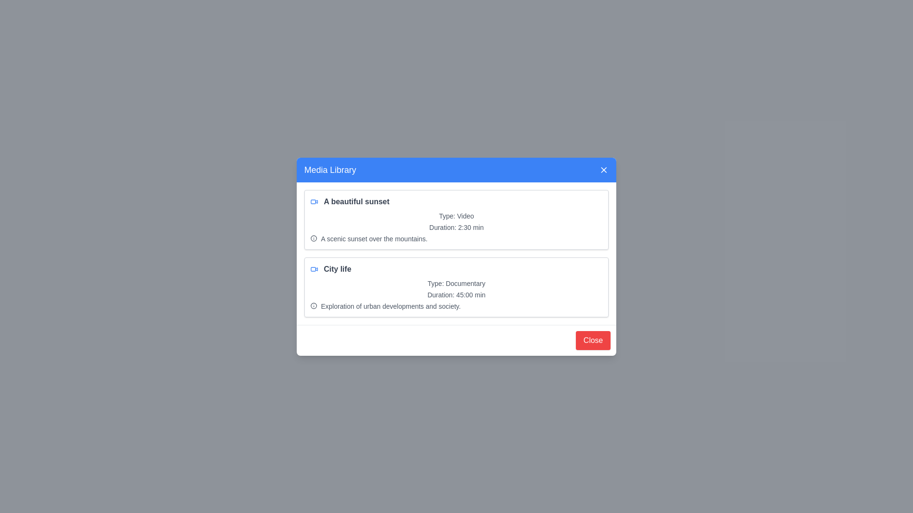  Describe the element at coordinates (456, 306) in the screenshot. I see `the informational icon containing the 'i' symbol next to the text 'Exploration of urban developments and society.' in the 'City life' section to interact with it` at that location.